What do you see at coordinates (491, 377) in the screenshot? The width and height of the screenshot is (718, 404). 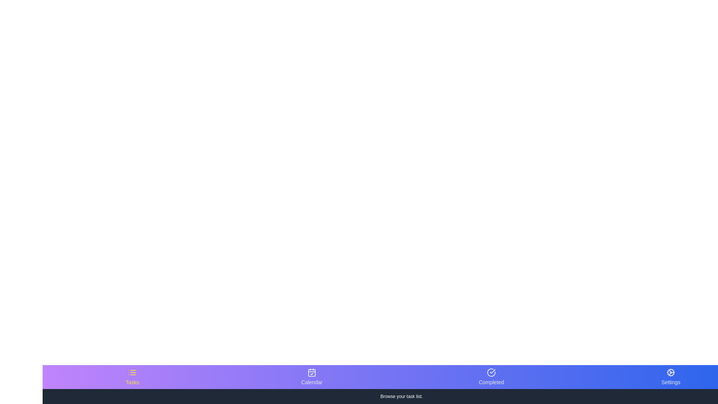 I see `the navigation icon corresponding to Completed` at bounding box center [491, 377].